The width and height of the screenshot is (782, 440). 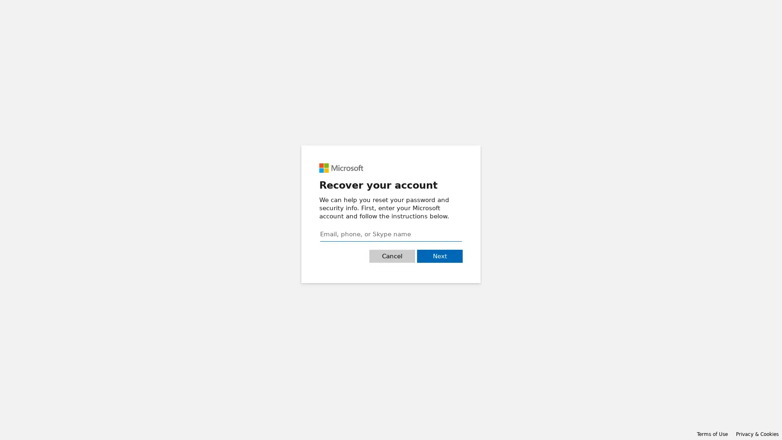 What do you see at coordinates (392, 255) in the screenshot?
I see `Cancel` at bounding box center [392, 255].